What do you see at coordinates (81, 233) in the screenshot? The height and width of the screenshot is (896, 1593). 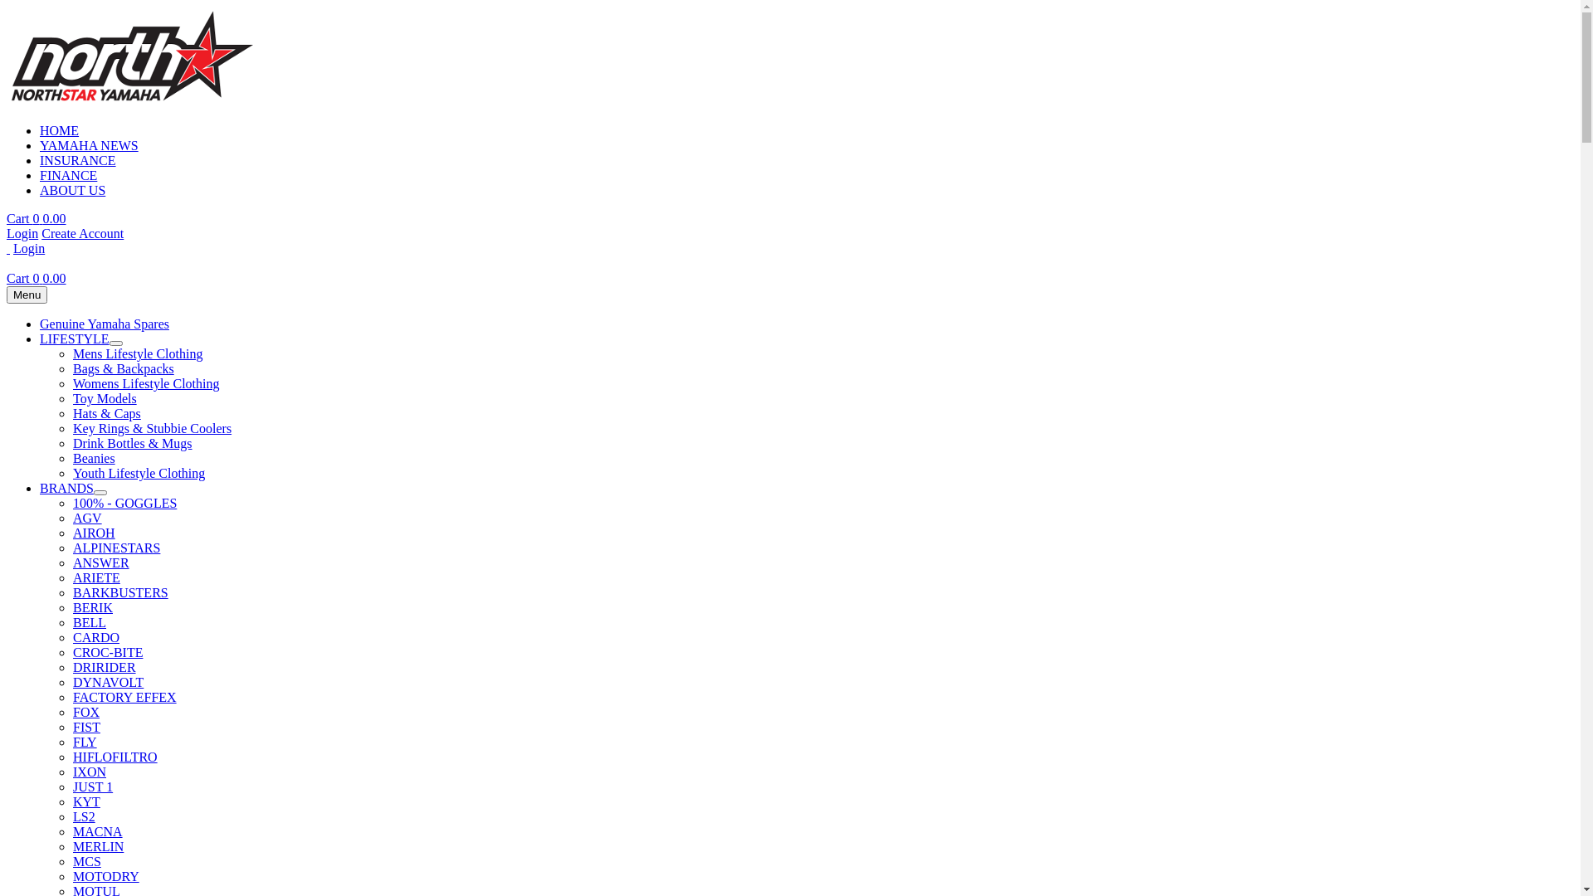 I see `'Create Account'` at bounding box center [81, 233].